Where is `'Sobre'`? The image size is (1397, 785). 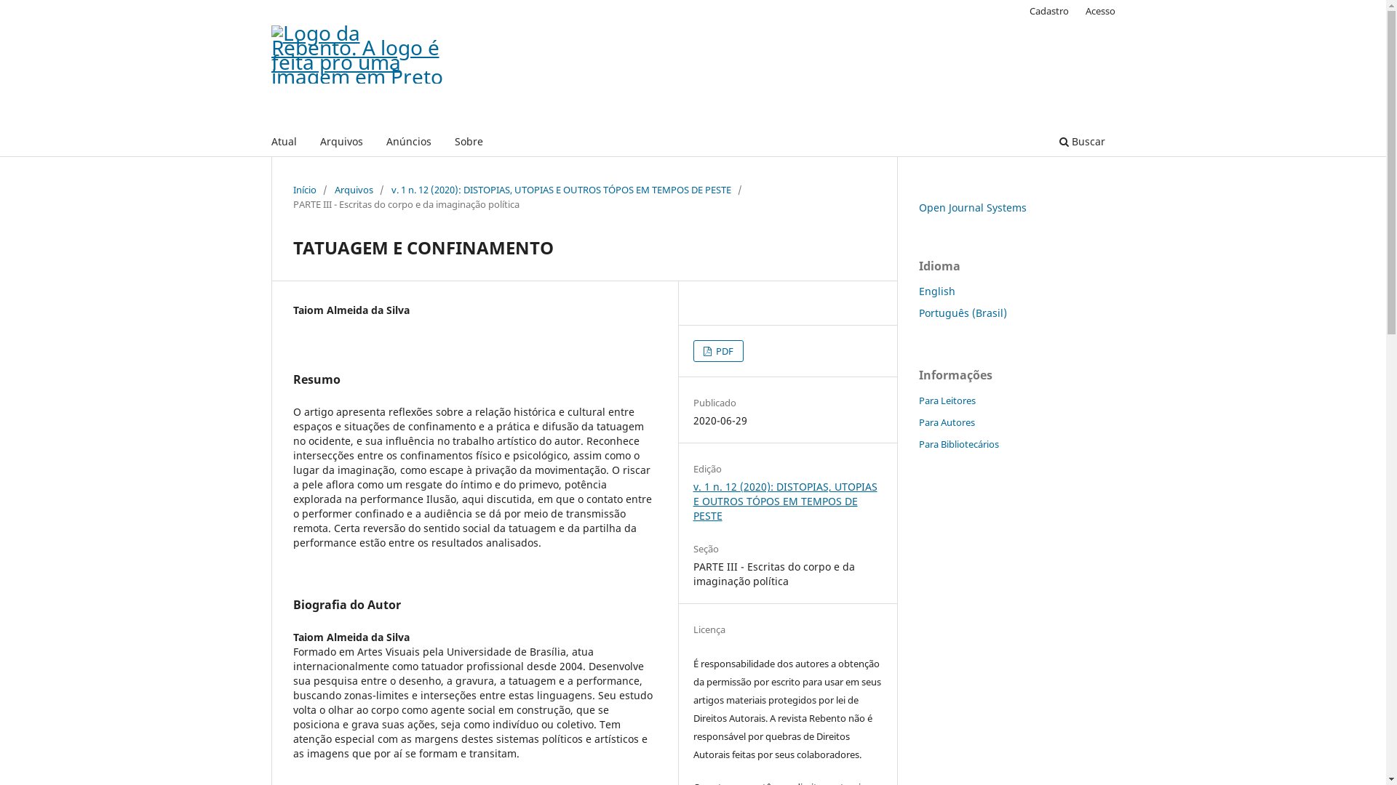 'Sobre' is located at coordinates (449, 143).